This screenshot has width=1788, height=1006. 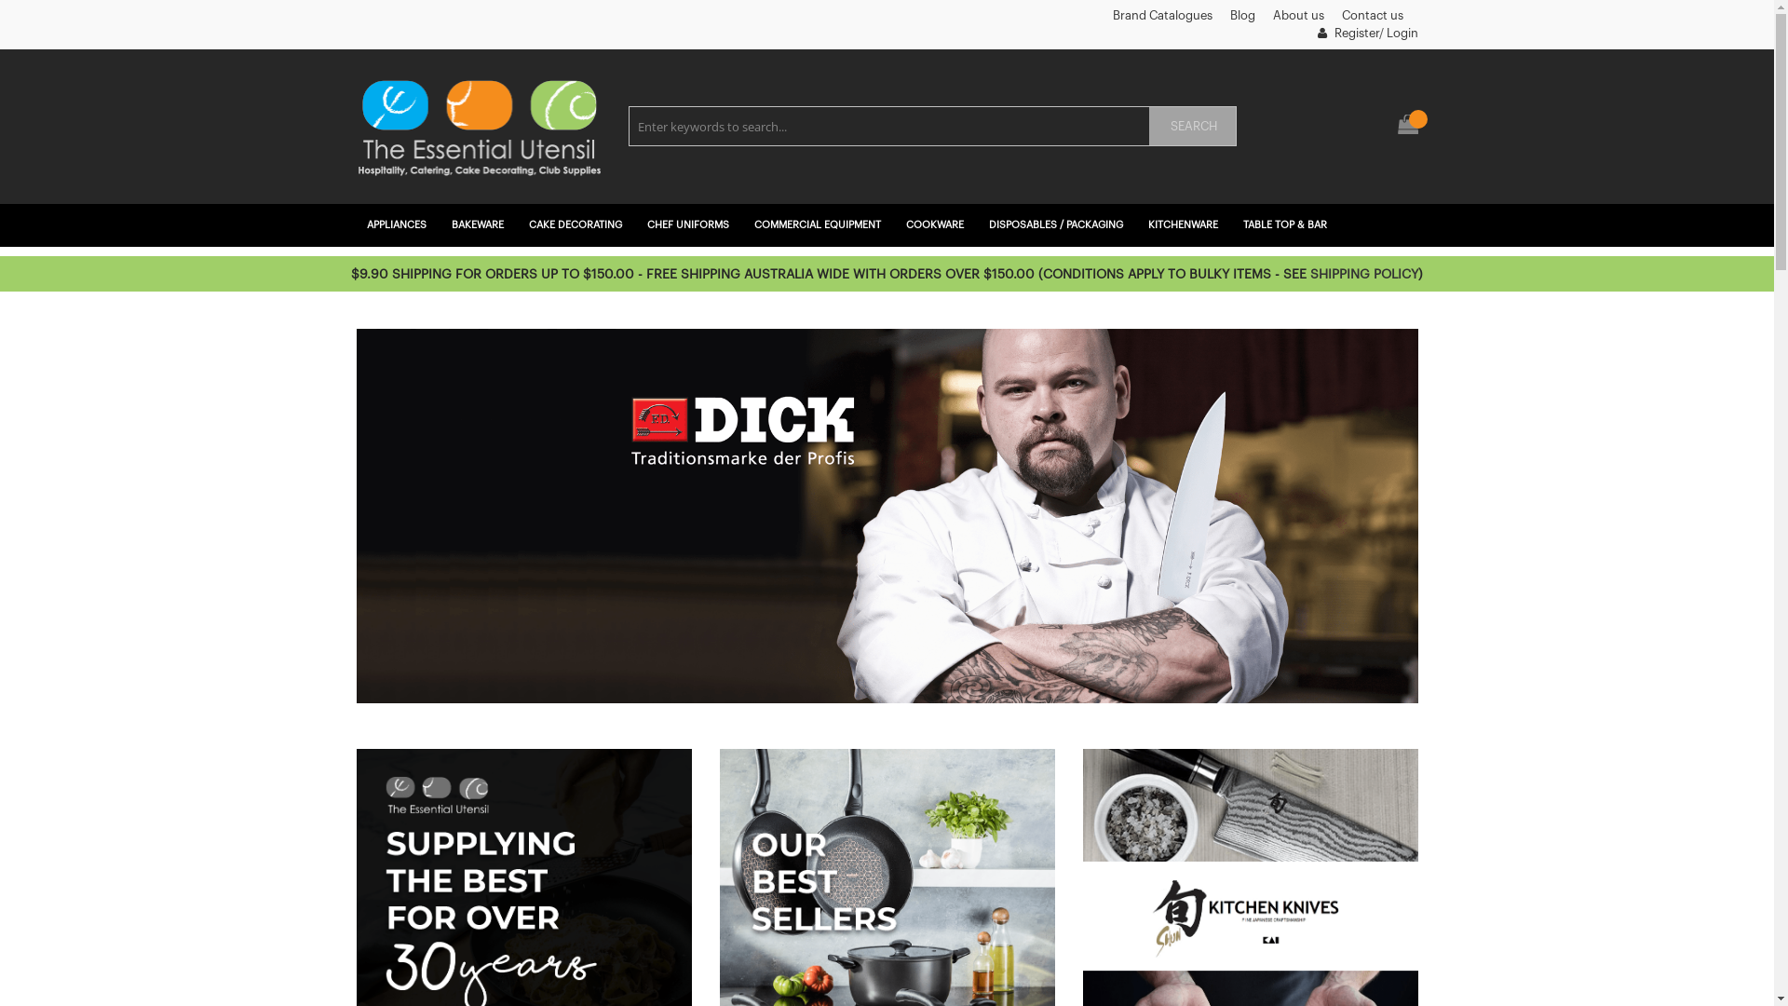 I want to click on 'Contact us', so click(x=1372, y=15).